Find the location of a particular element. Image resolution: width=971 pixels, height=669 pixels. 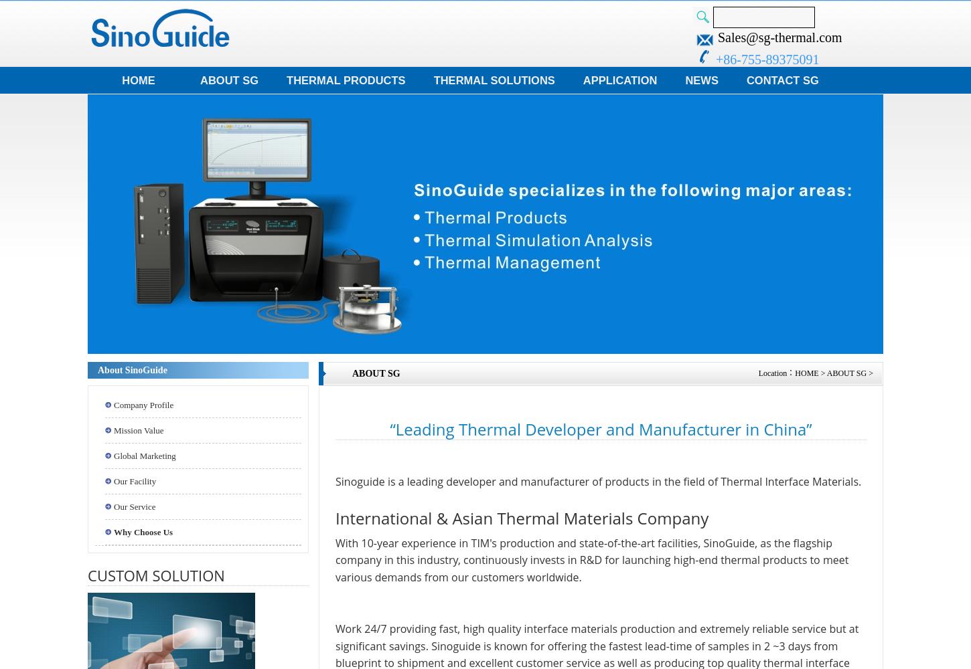

'Location：' is located at coordinates (775, 373).